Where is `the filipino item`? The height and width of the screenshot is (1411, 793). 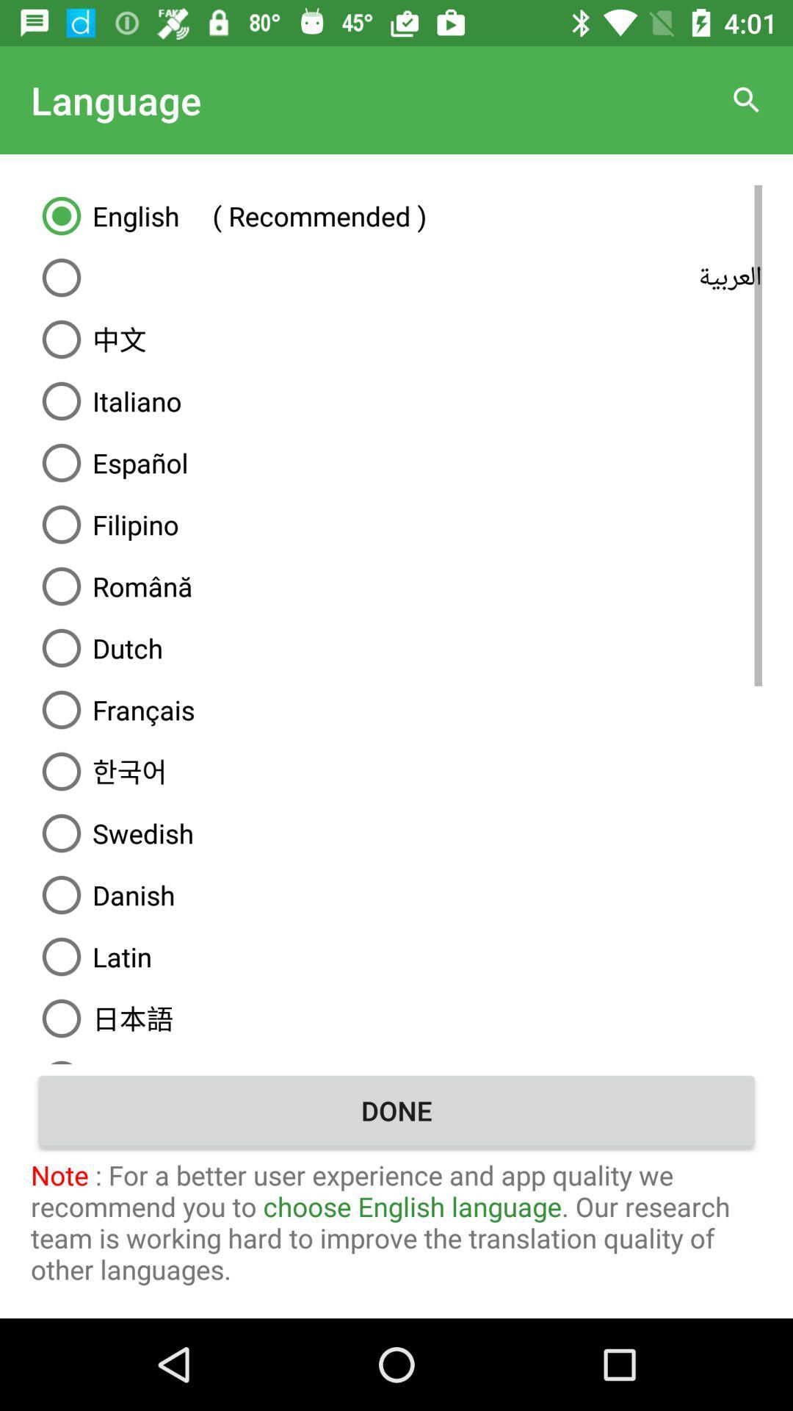 the filipino item is located at coordinates (396, 525).